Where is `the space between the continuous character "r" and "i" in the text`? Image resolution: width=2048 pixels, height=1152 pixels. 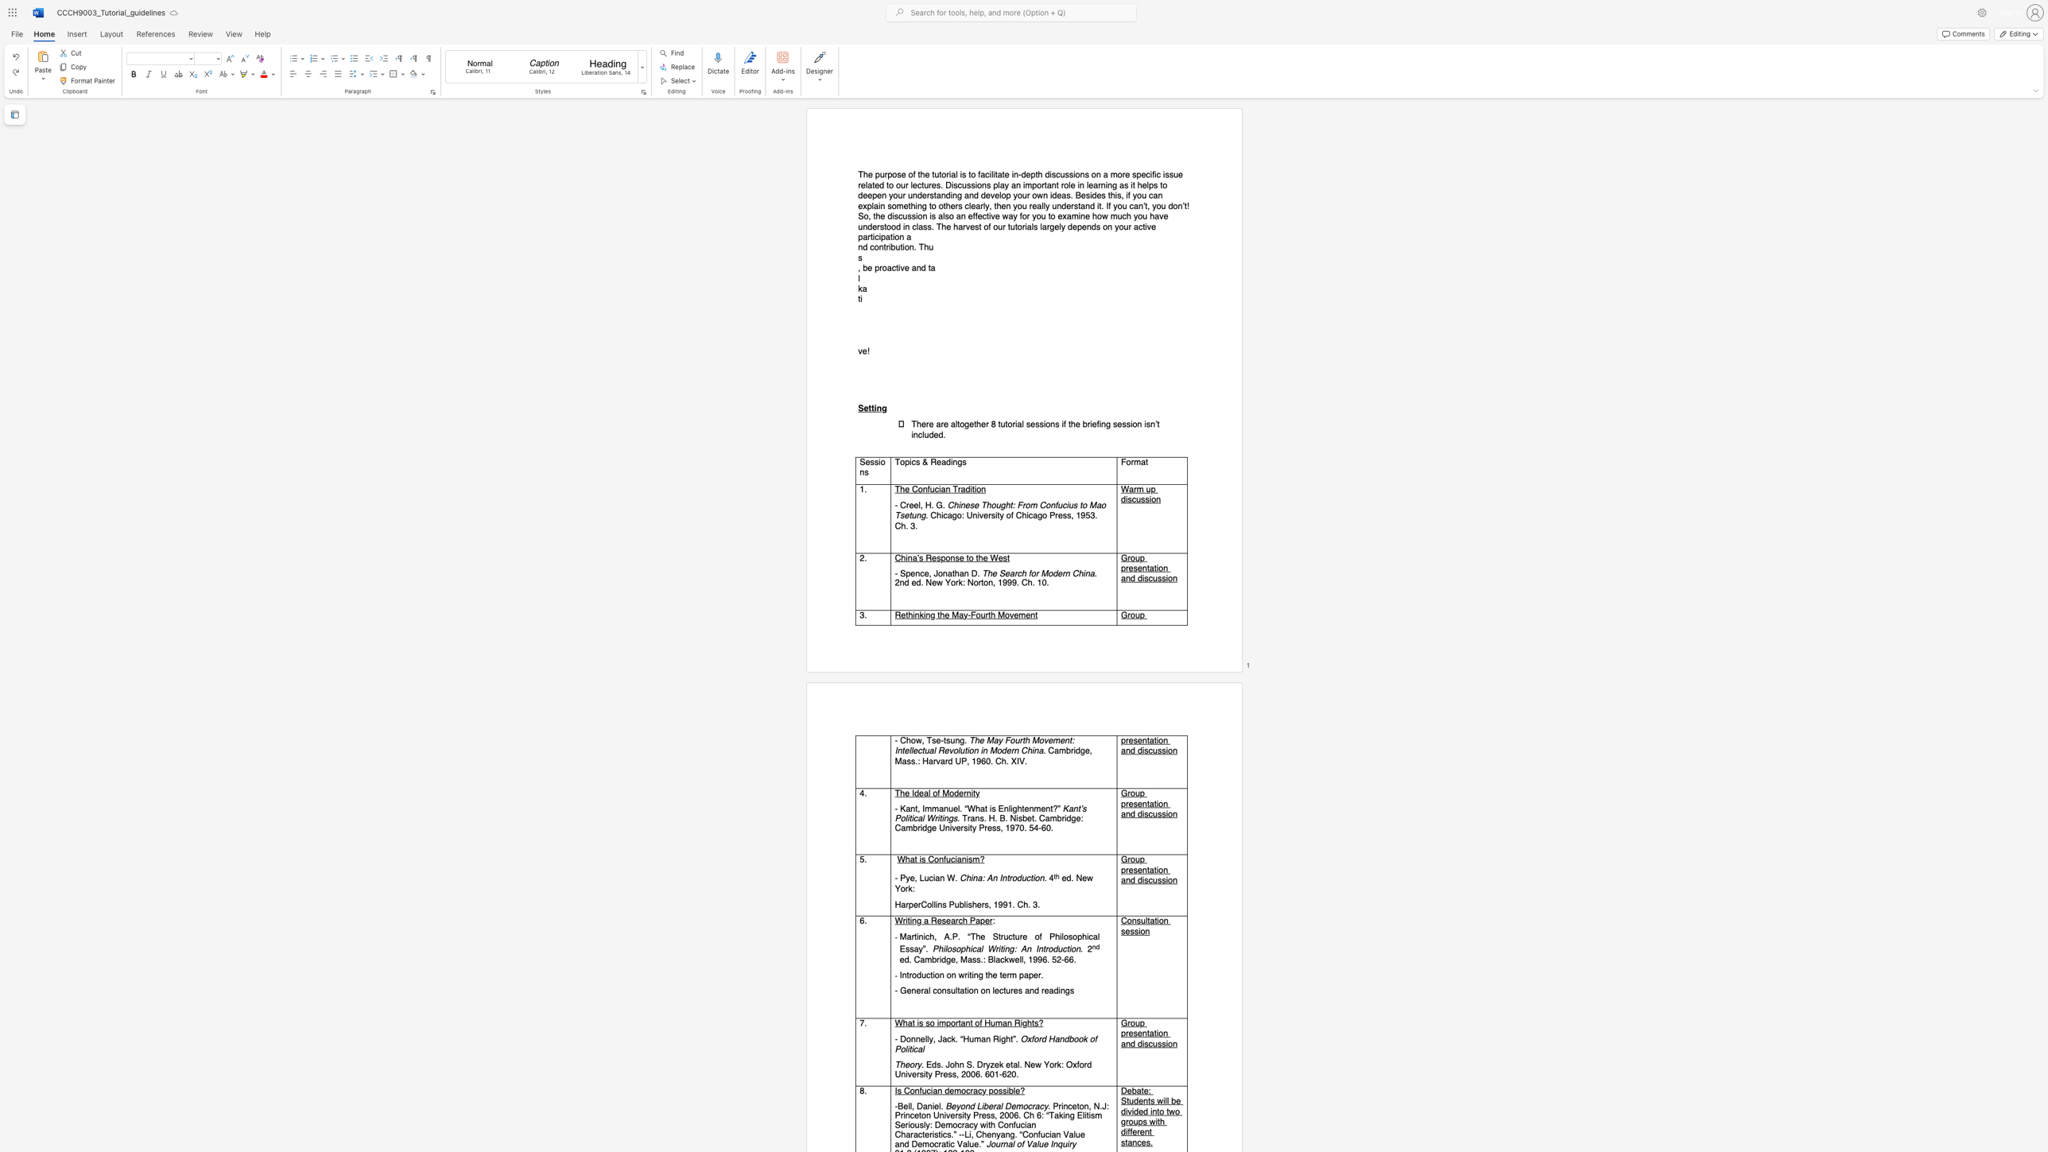
the space between the continuous character "r" and "i" in the text is located at coordinates (889, 247).